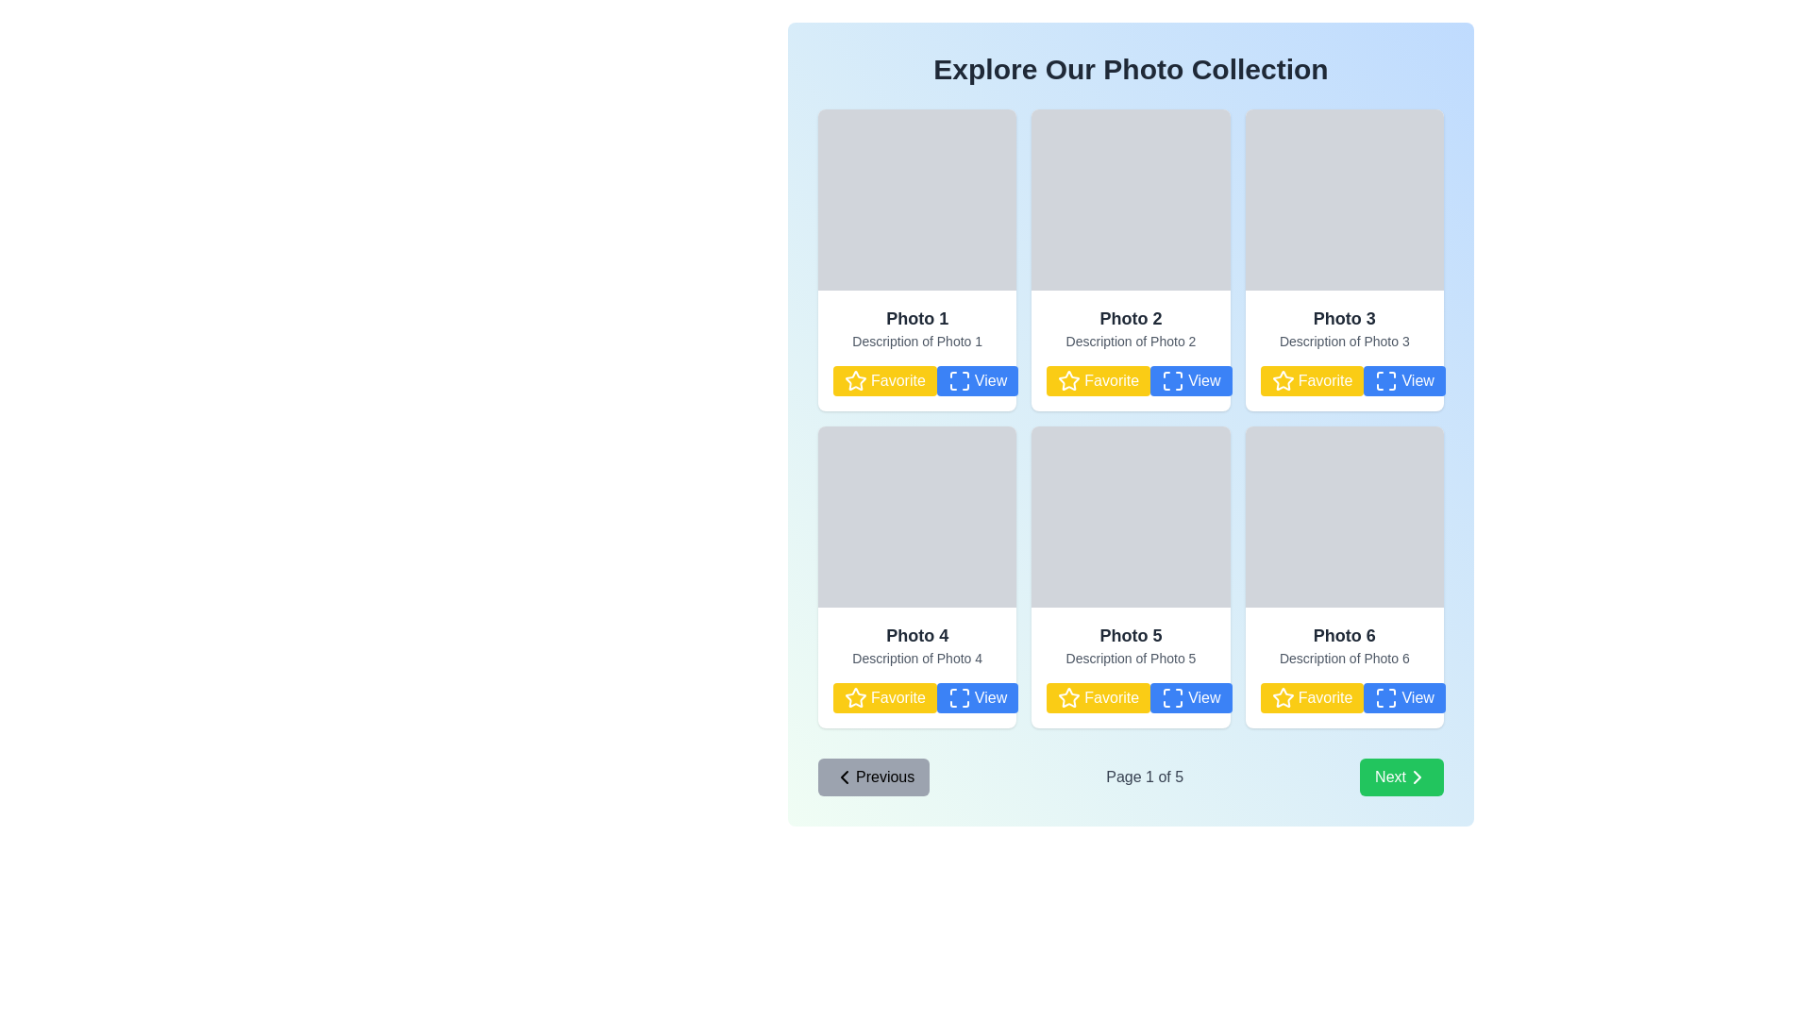 The height and width of the screenshot is (1019, 1812). Describe the element at coordinates (873, 777) in the screenshot. I see `the 'Previous' button, which is a rectangular button with rounded corners, light gray background, and a left-pointing chevron icon, located at the bottom left of the main layout` at that location.